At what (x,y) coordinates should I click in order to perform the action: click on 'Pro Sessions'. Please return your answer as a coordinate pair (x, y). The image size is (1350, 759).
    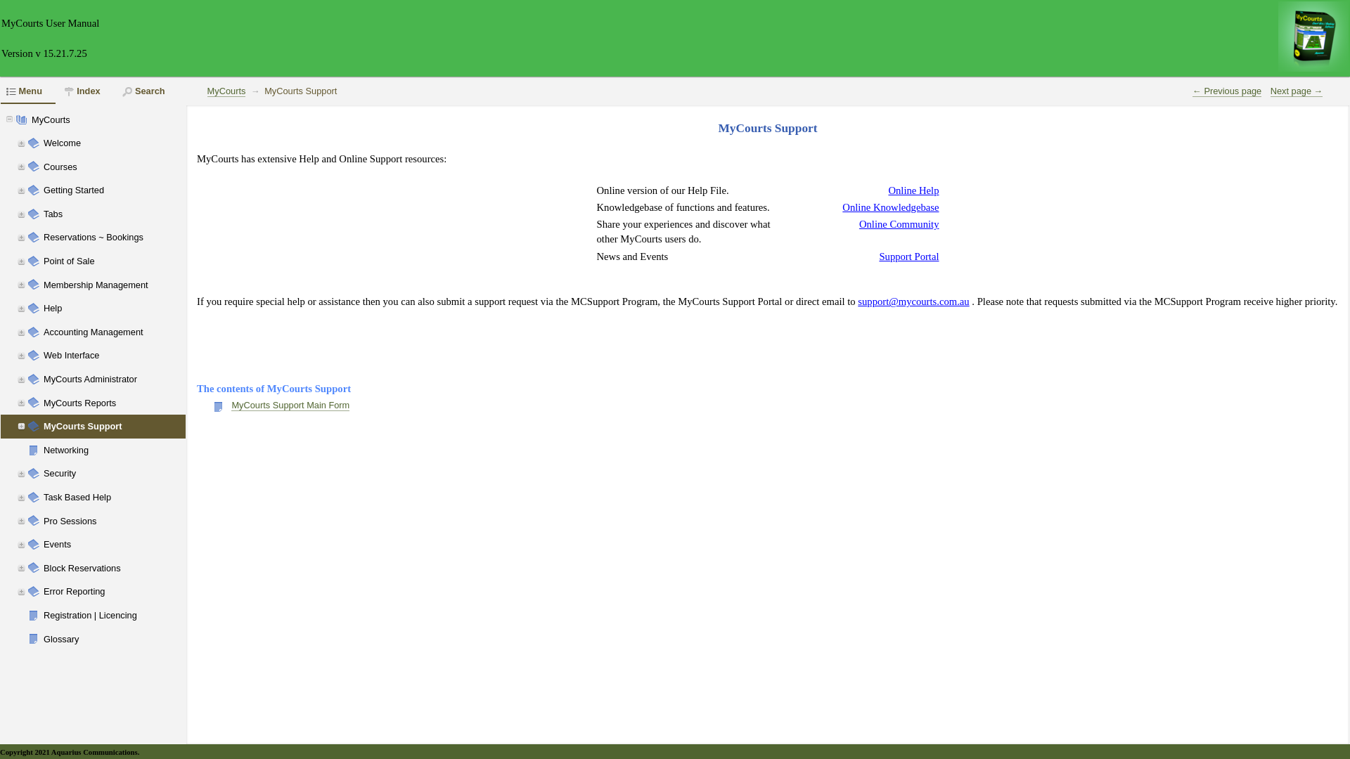
    Looking at the image, I should click on (132, 521).